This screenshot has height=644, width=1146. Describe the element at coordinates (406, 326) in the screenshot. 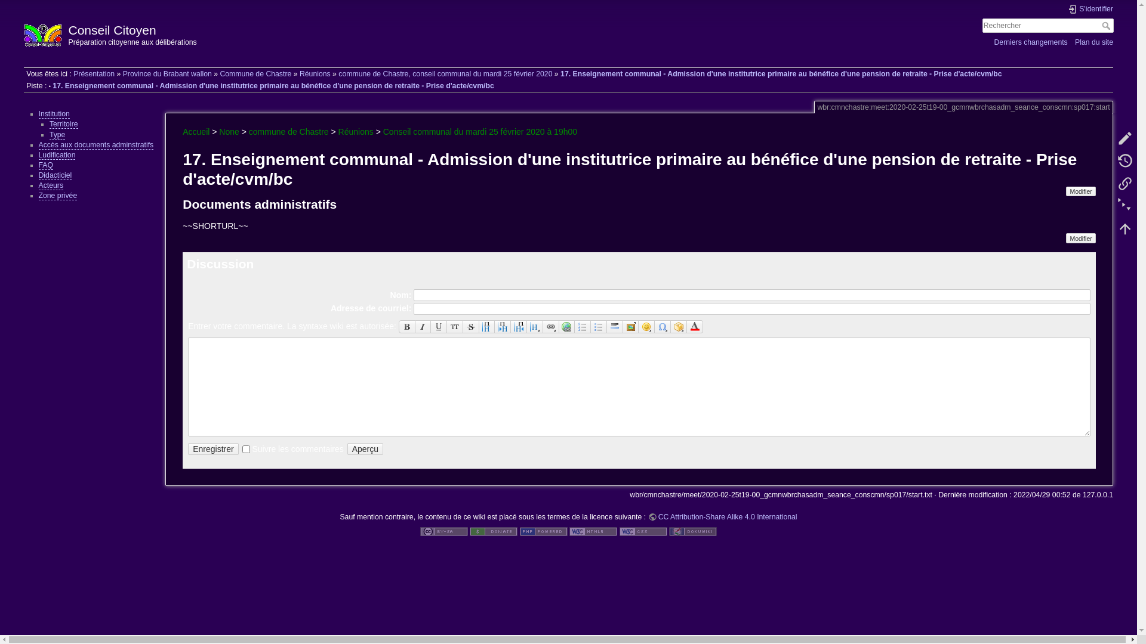

I see `'Gras [B]'` at that location.